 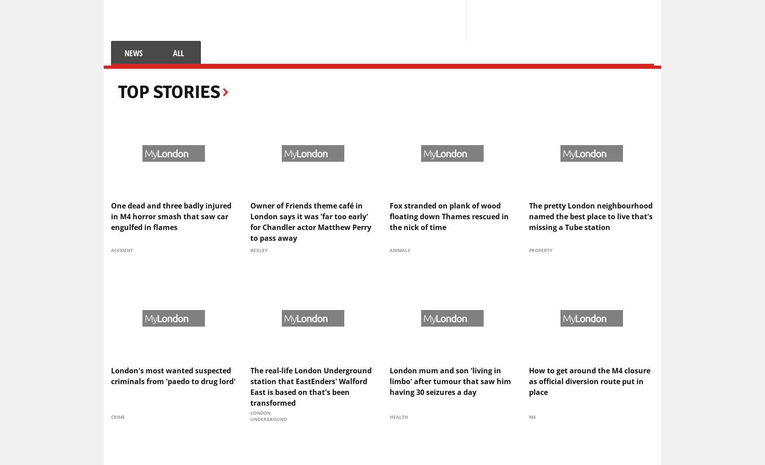 What do you see at coordinates (529, 380) in the screenshot?
I see `'How to get around the M4 closure as official diversion route put in place'` at bounding box center [529, 380].